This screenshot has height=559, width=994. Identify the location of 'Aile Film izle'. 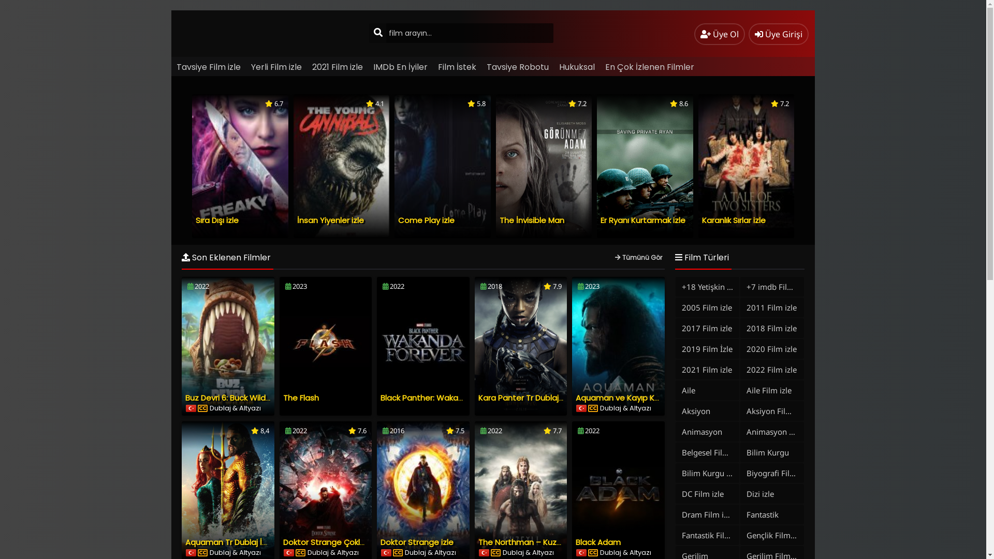
(772, 390).